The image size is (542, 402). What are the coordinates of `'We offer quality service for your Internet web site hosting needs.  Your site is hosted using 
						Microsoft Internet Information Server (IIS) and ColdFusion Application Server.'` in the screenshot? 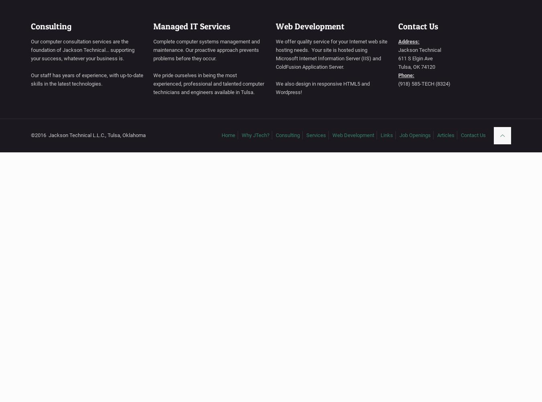 It's located at (275, 54).